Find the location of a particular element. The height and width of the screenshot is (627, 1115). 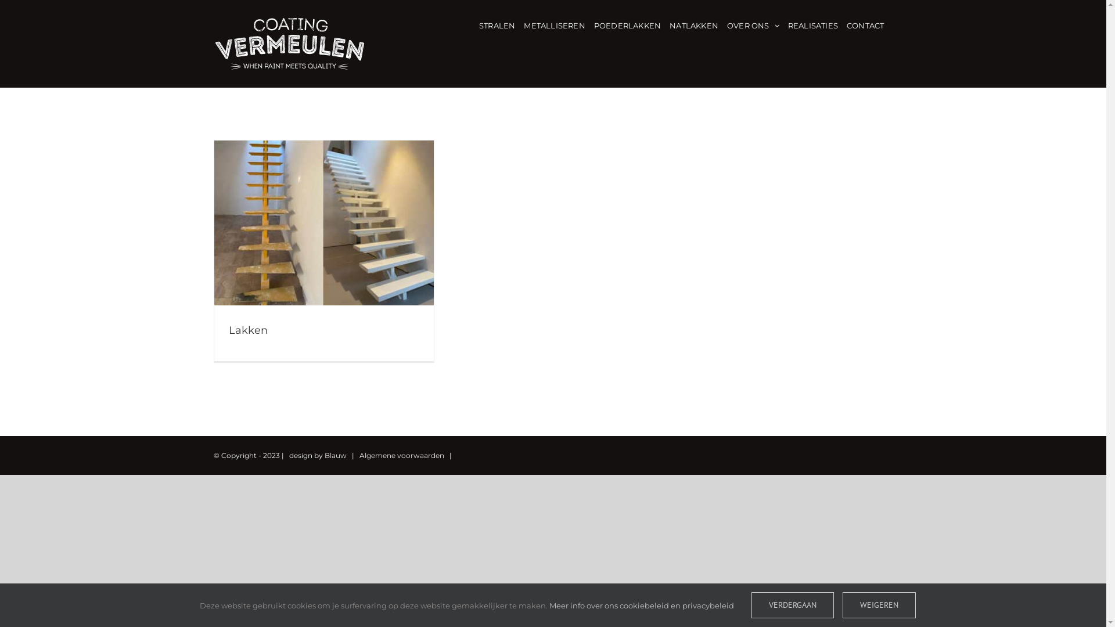

'Blauw' is located at coordinates (334, 454).